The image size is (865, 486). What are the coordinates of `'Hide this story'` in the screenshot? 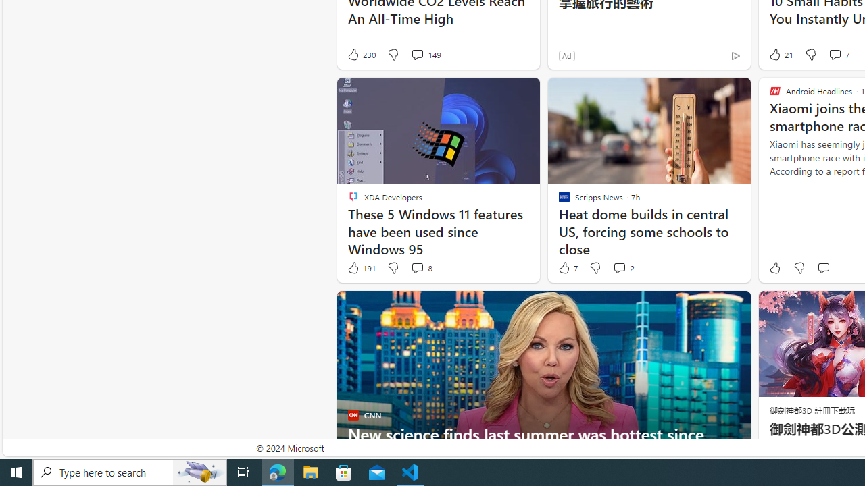 It's located at (709, 307).